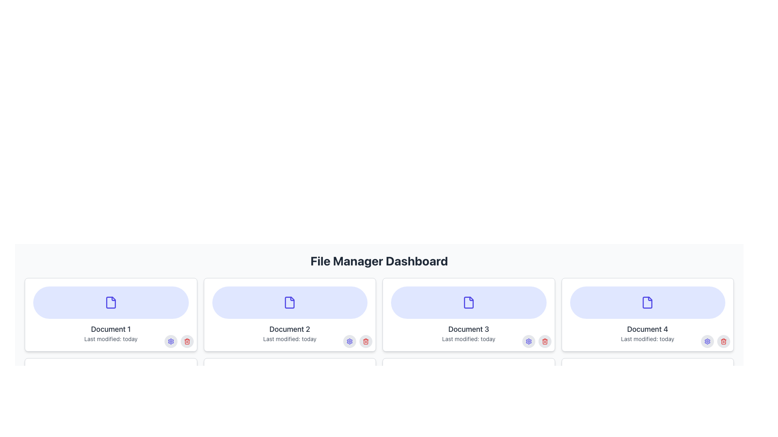  I want to click on the circular button with a light gray background and a red trashcan icon located at the bottom-right corner of the card, so click(186, 421).